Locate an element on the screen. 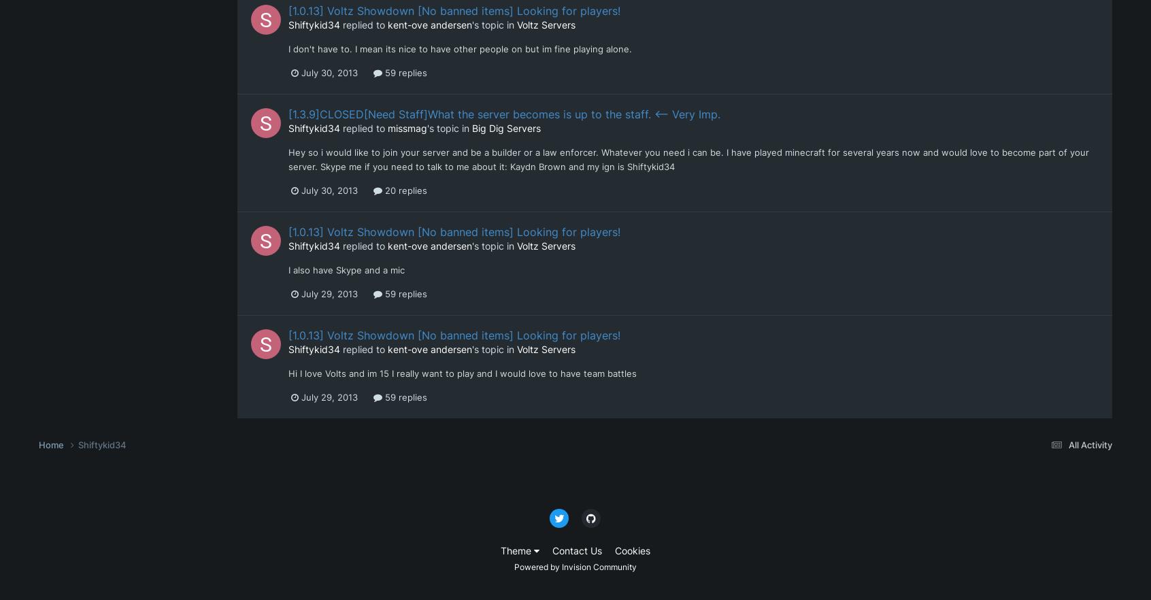  'I also have Skype and a mic' is located at coordinates (346, 269).